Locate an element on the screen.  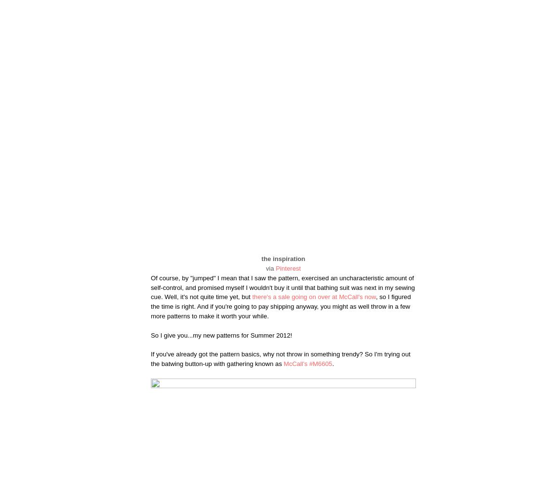
'.' is located at coordinates (333, 363).